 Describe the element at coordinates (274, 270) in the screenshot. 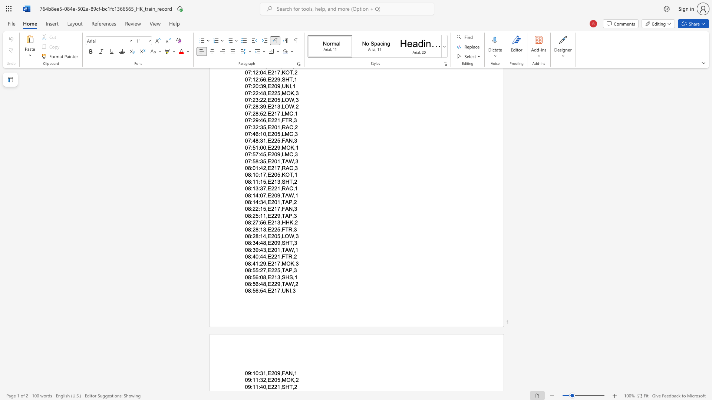

I see `the space between the continuous character "2" and "2" in the text` at that location.